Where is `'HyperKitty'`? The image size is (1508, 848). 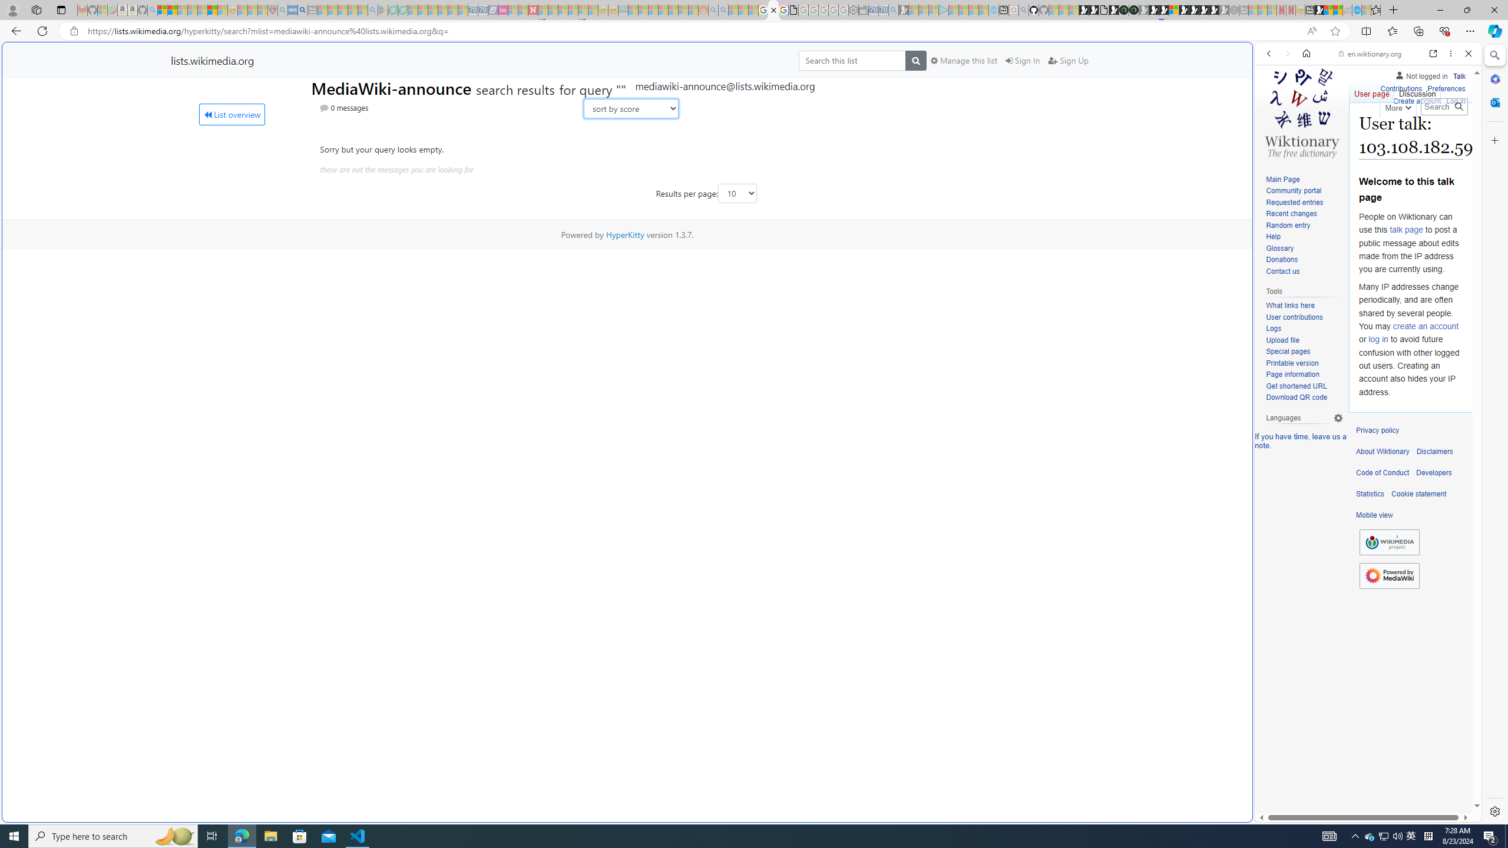
'HyperKitty' is located at coordinates (624, 234).